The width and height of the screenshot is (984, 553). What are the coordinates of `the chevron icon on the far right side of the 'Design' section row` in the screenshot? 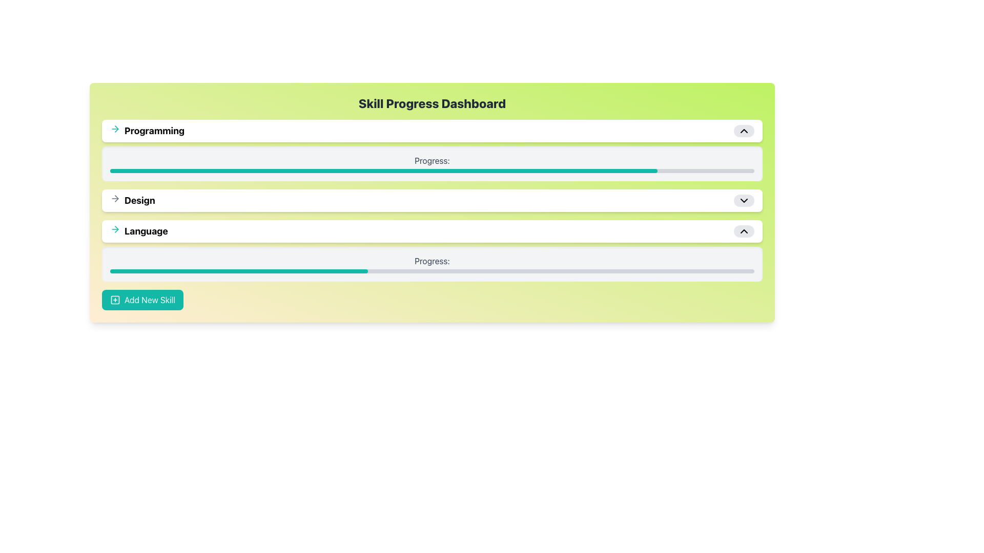 It's located at (744, 201).